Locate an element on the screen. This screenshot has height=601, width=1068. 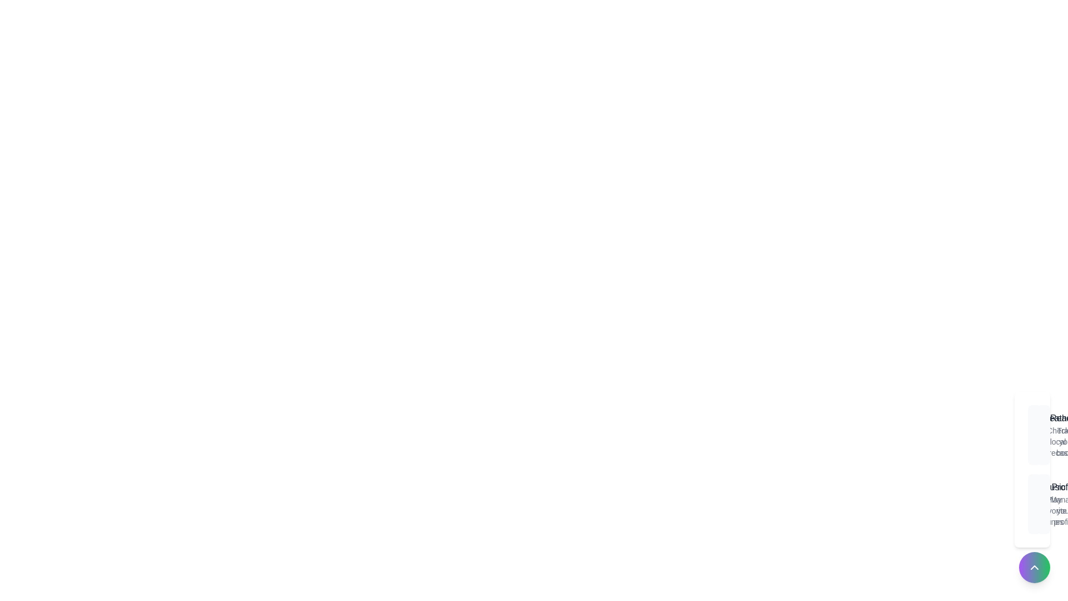
the floating action button to toggle the menu visibility is located at coordinates (1034, 567).